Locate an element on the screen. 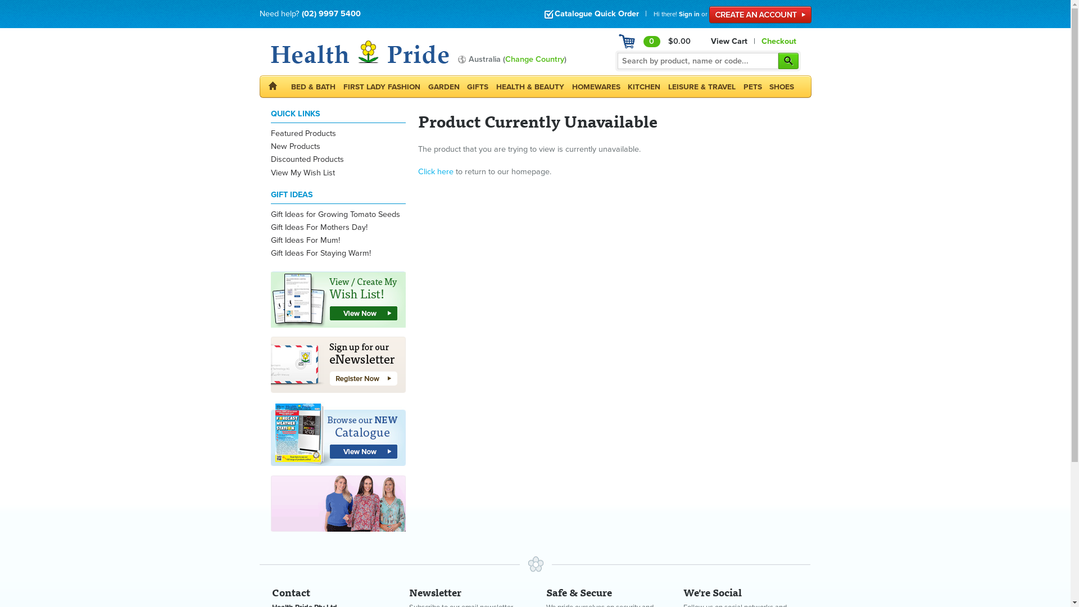  'PETS' is located at coordinates (739, 86).